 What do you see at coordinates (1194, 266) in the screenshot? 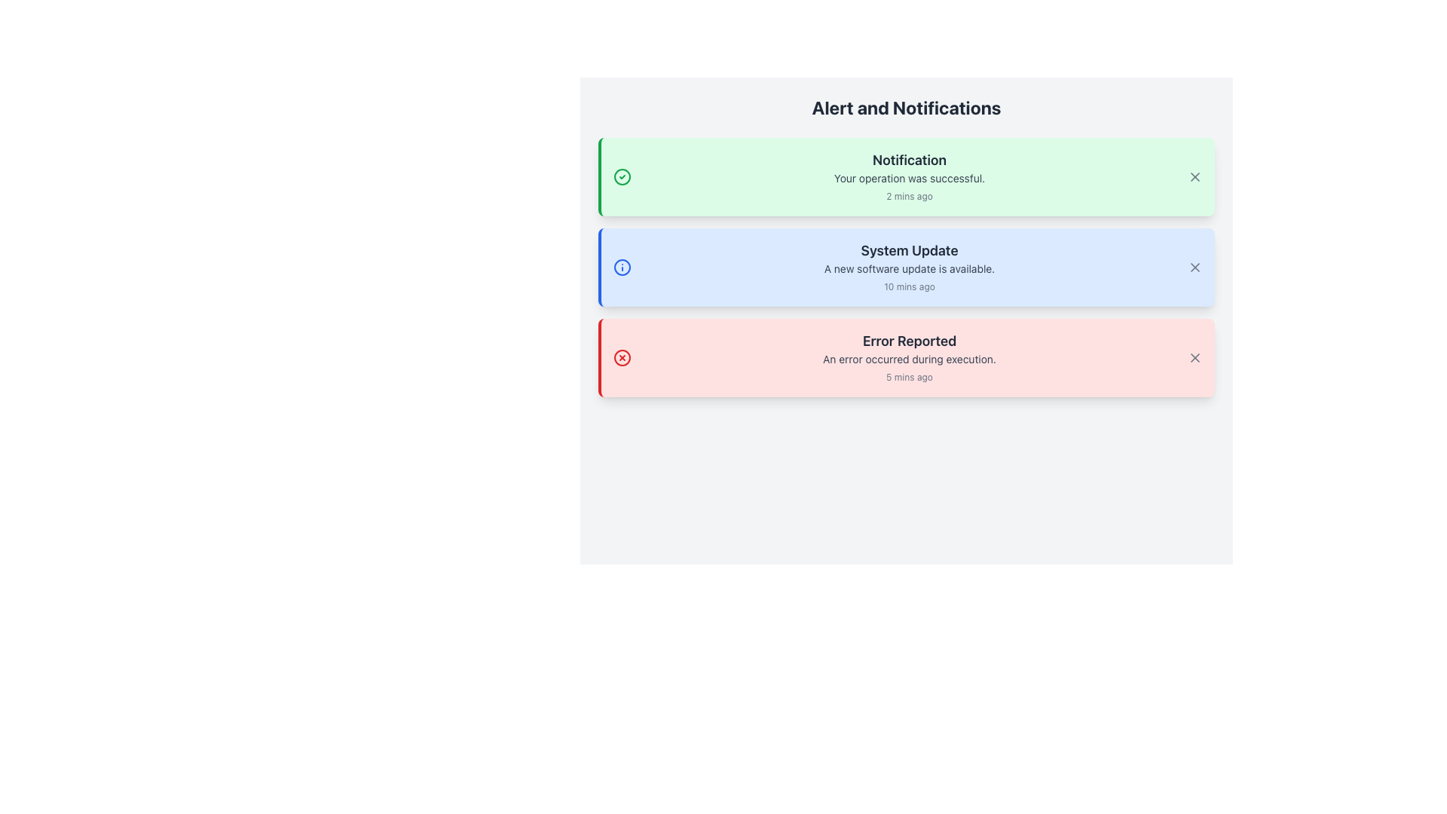
I see `the close button represented by a small SVG icon featuring an 'X' shape, located at the rightmost edge of the 'System Update' notification bar` at bounding box center [1194, 266].